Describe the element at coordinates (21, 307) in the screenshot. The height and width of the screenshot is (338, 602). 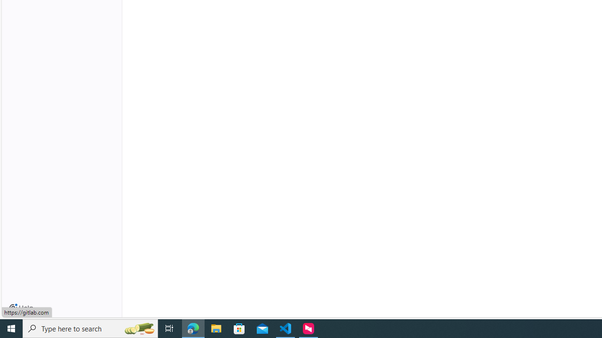
I see `'Help'` at that location.